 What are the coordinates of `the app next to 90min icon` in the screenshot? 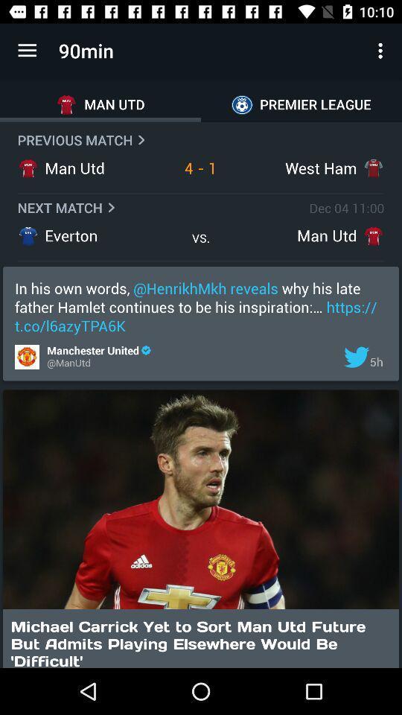 It's located at (27, 51).